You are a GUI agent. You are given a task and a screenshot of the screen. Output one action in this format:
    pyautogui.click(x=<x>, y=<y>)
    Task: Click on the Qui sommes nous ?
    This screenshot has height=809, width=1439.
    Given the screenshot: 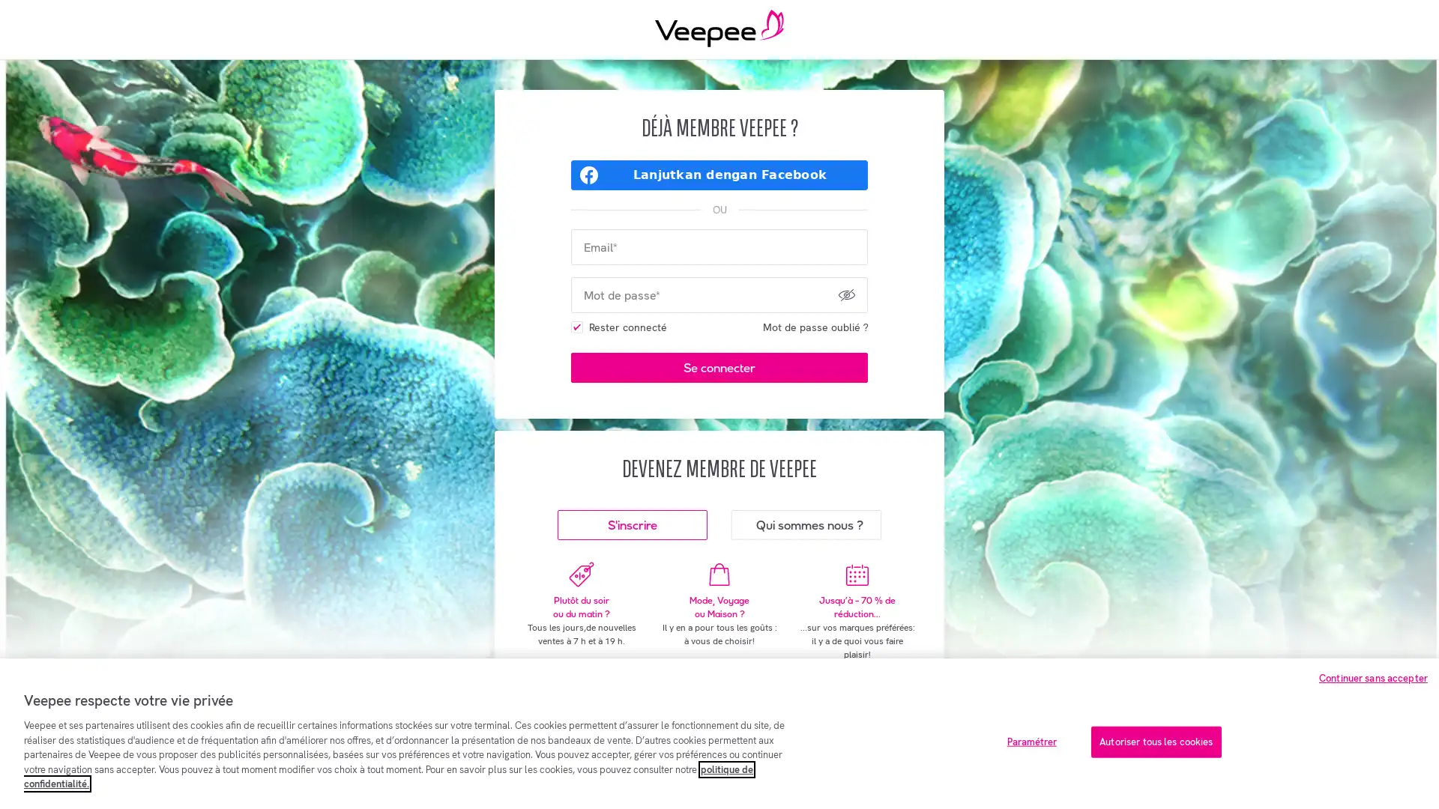 What is the action you would take?
    pyautogui.click(x=805, y=524)
    